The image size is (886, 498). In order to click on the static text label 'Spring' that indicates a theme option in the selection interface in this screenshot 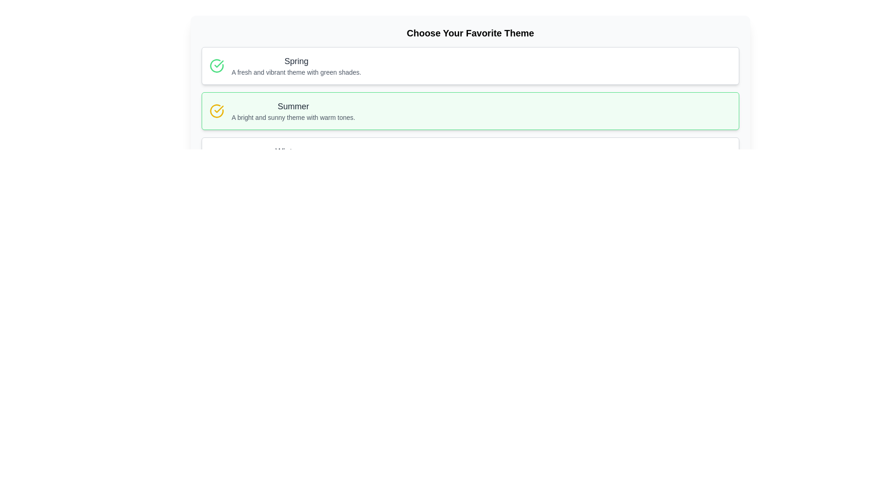, I will do `click(296, 61)`.